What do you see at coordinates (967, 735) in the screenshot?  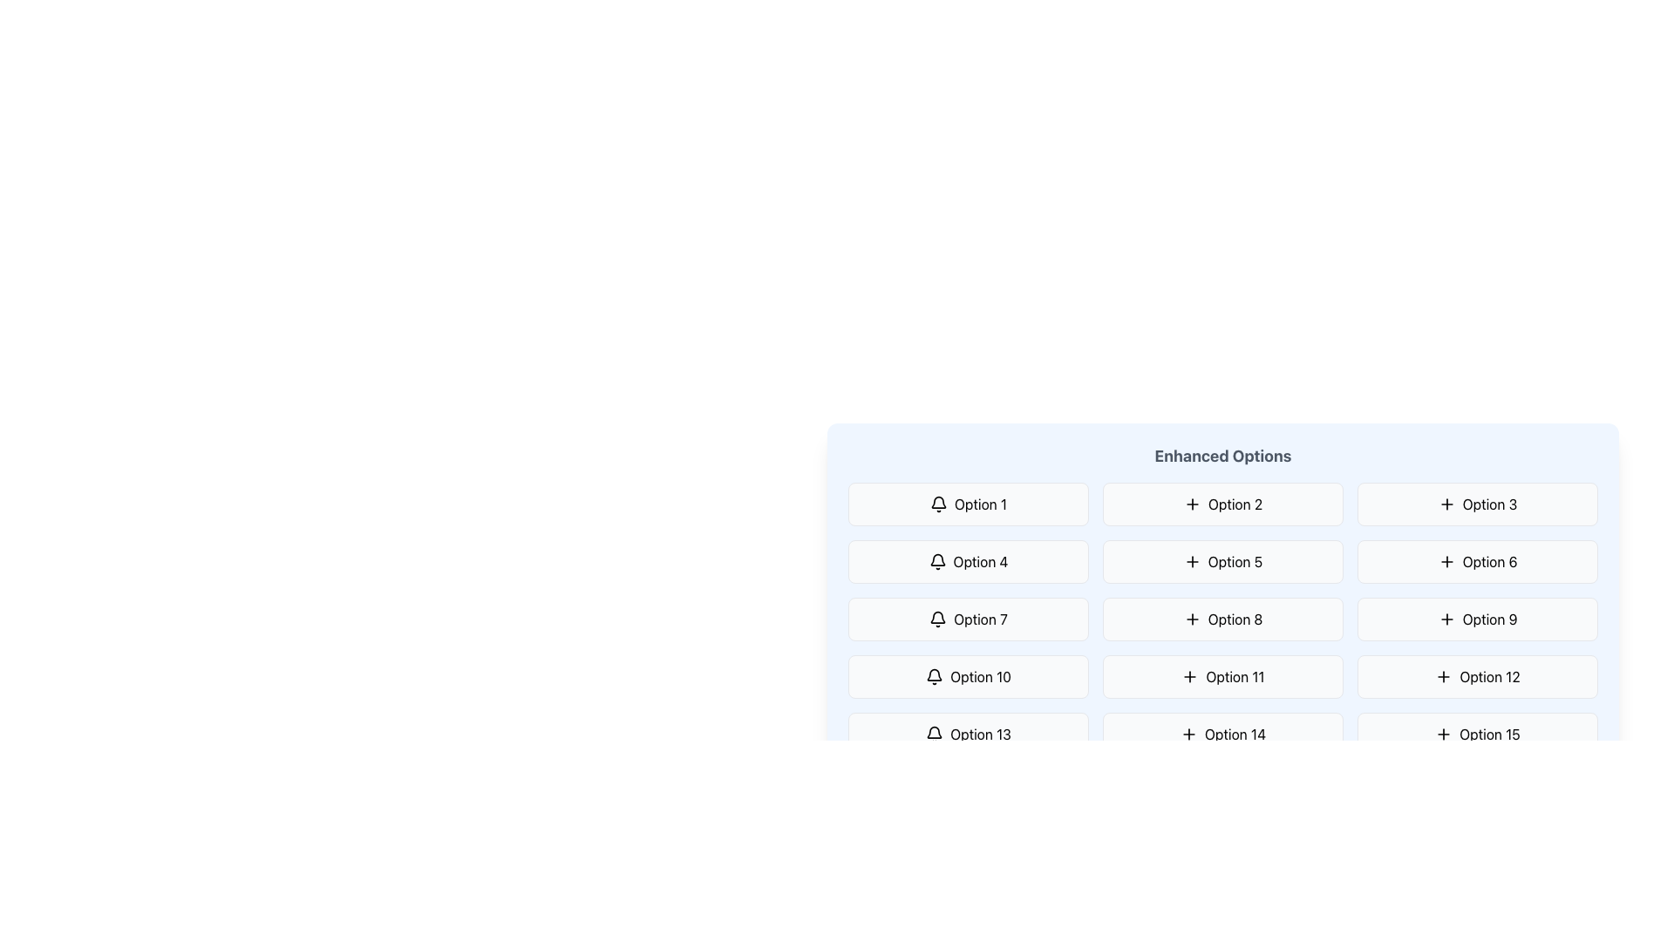 I see `the selectable option button located in the fourth row of a grid-based layout` at bounding box center [967, 735].